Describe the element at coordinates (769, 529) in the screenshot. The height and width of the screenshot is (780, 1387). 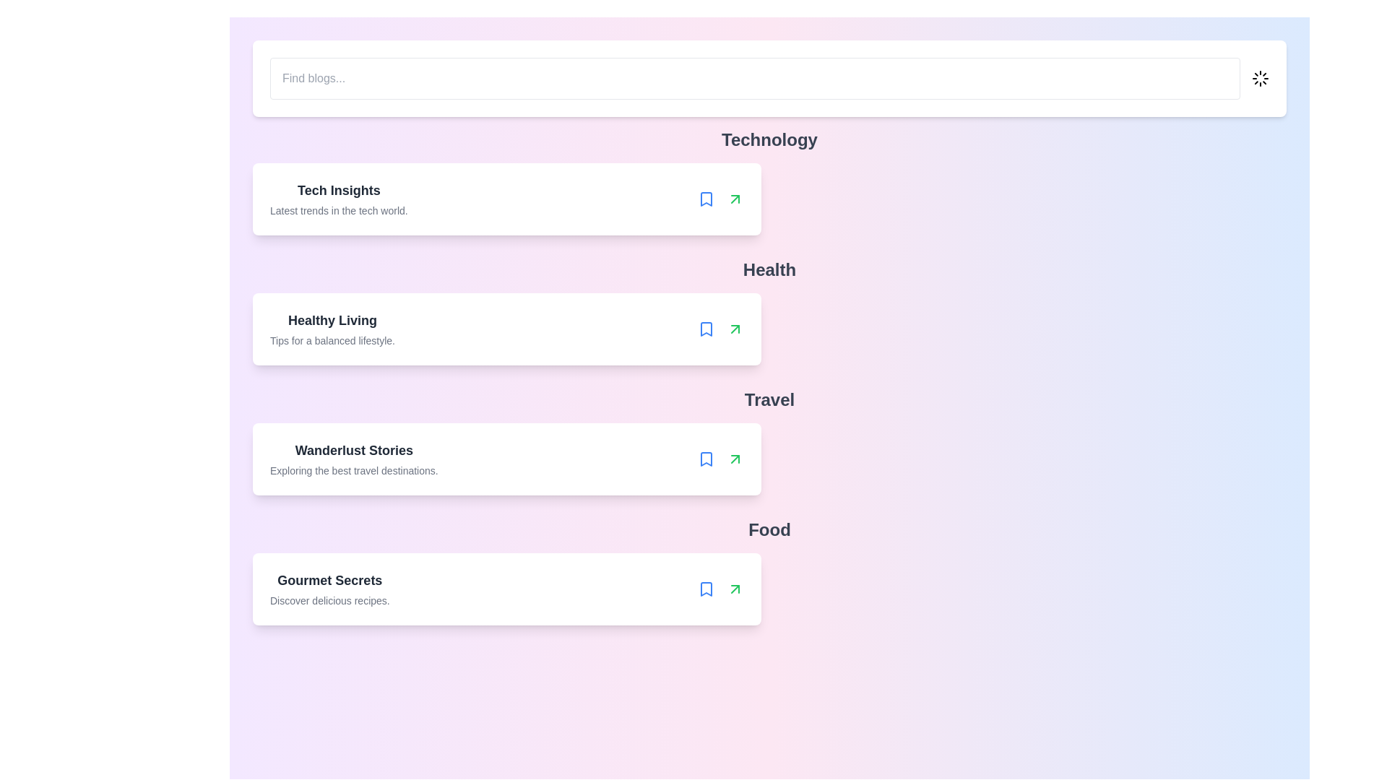
I see `the 'Food' text element which is bold and large, located near the bottom of a section list, right above the 'Gourmet Secrets' subheading` at that location.